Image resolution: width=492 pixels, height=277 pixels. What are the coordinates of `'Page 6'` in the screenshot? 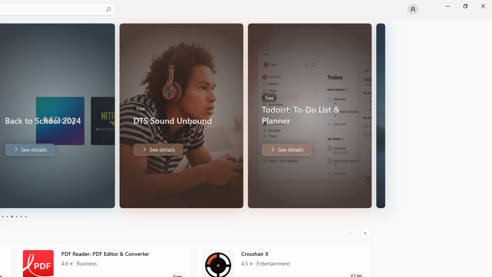 It's located at (25, 217).